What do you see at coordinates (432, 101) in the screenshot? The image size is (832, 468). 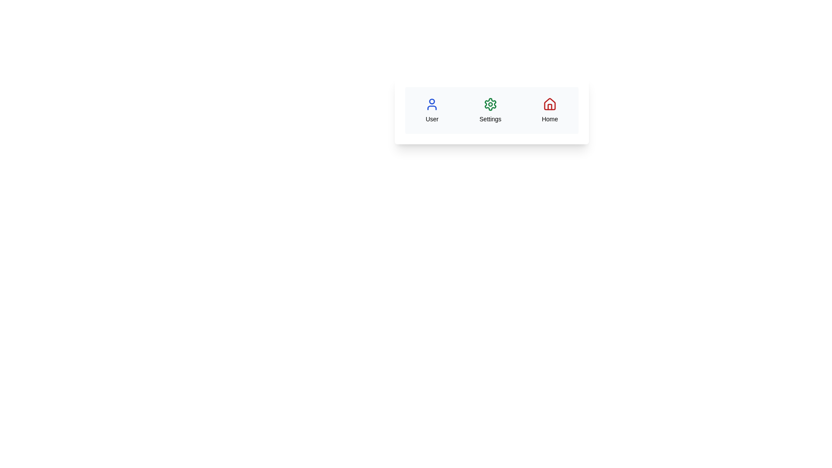 I see `the circular graphical element located above the user profile icon in the horizontal navigation bar` at bounding box center [432, 101].